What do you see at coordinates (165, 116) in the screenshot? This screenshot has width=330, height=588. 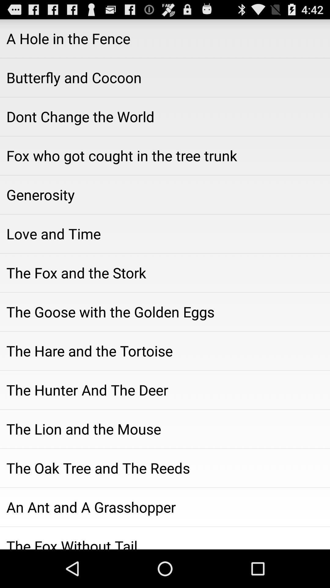 I see `the dont change the item` at bounding box center [165, 116].